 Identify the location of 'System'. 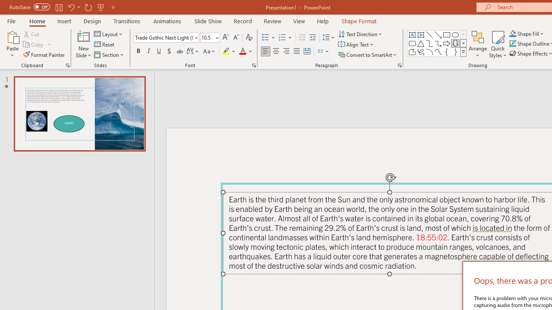
(4, 5).